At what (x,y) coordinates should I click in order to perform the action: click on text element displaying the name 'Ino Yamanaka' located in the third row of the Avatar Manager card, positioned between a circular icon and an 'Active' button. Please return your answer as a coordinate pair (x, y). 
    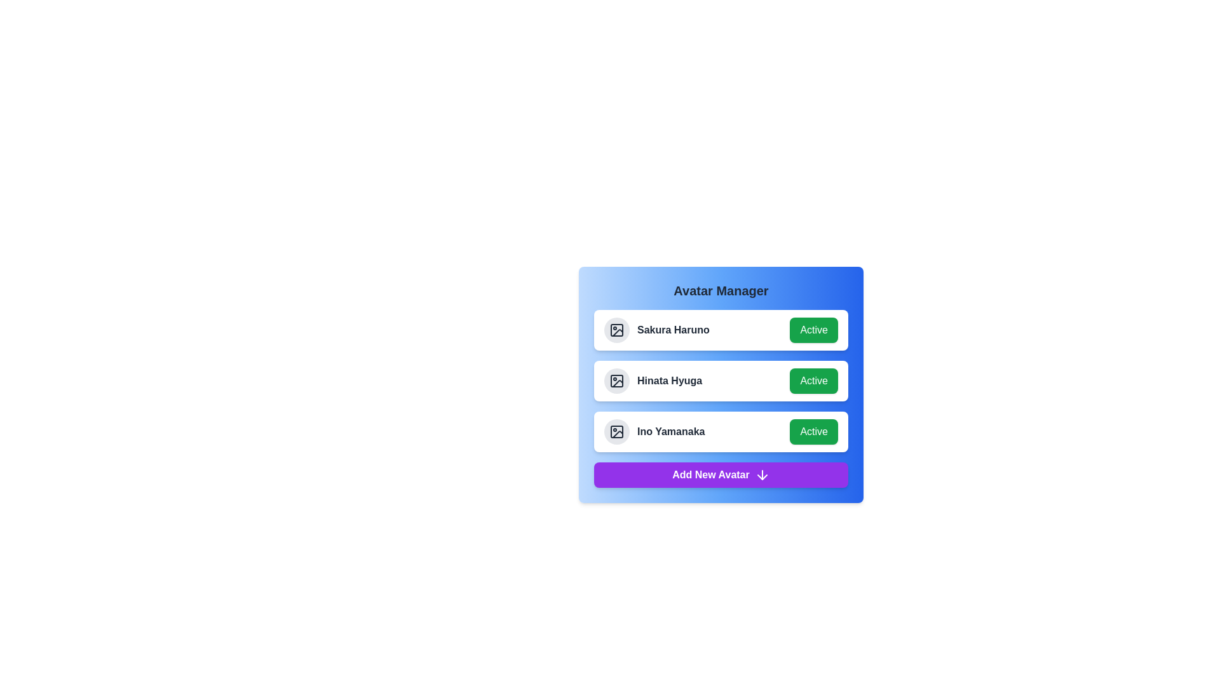
    Looking at the image, I should click on (670, 431).